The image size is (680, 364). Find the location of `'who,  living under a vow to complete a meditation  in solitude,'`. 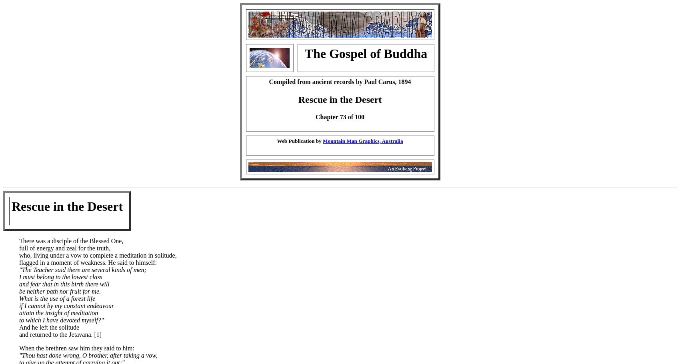

'who,  living under a vow to complete a meditation  in solitude,' is located at coordinates (98, 255).